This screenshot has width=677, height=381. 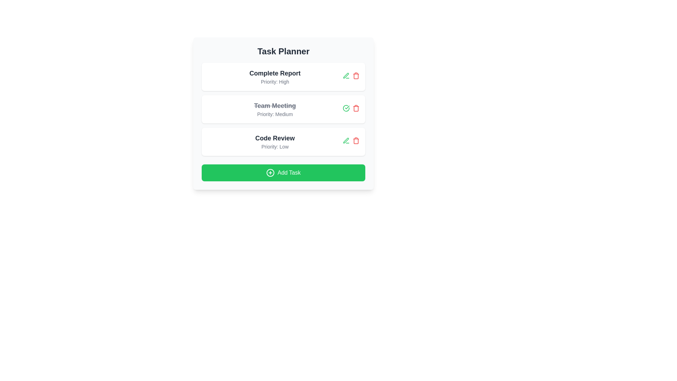 I want to click on the task title text for task 1, so click(x=274, y=73).